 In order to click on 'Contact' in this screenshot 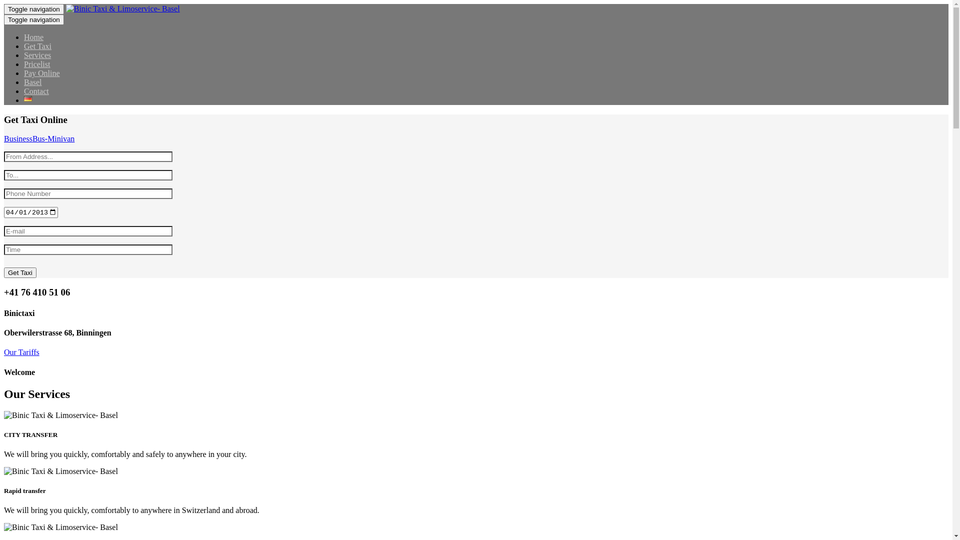, I will do `click(36, 91)`.